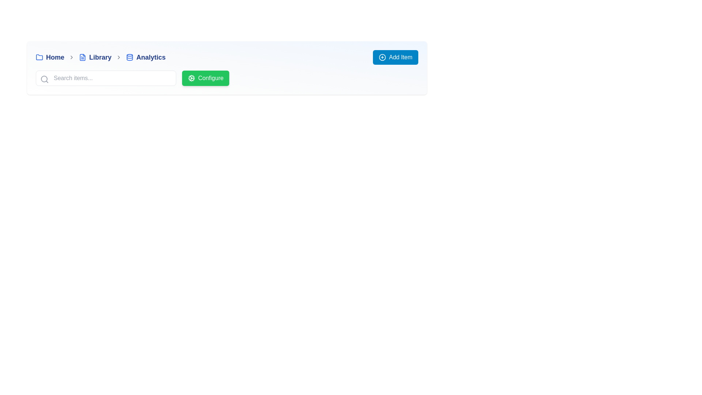 This screenshot has height=395, width=702. What do you see at coordinates (191, 78) in the screenshot?
I see `the cogwheel icon located to the left within the 'Configure' button in the main toolbar` at bounding box center [191, 78].